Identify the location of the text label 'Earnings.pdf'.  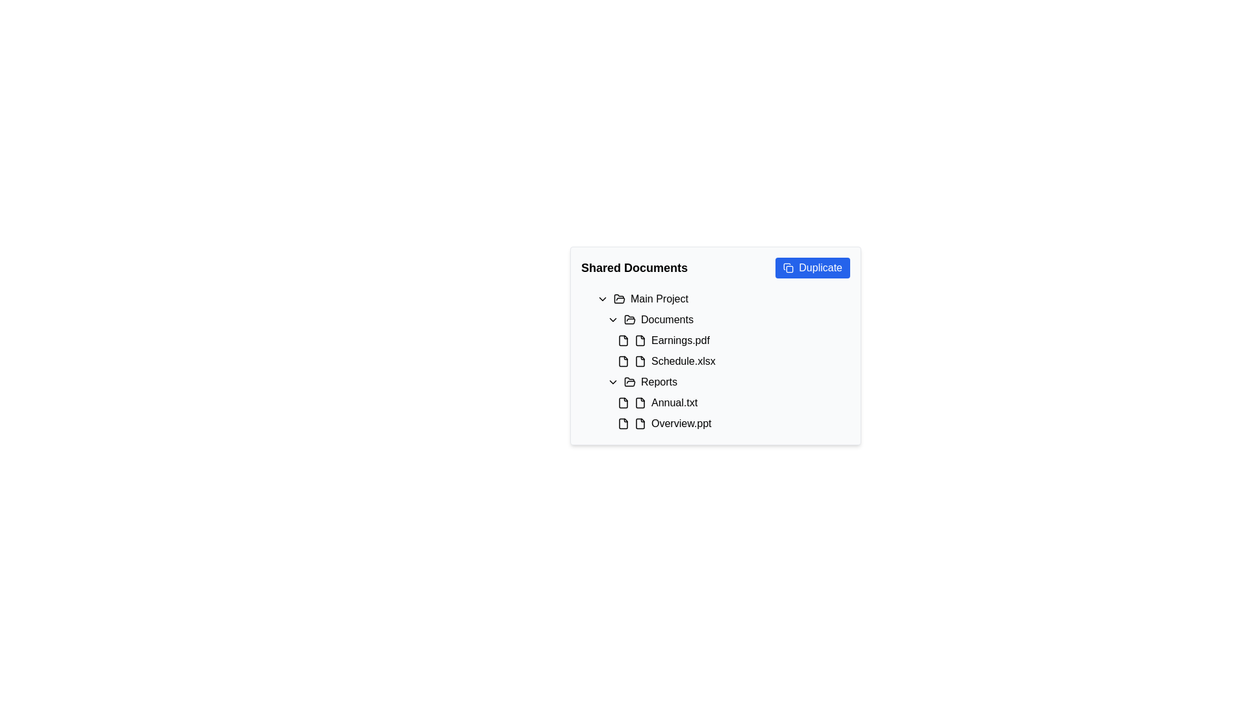
(679, 339).